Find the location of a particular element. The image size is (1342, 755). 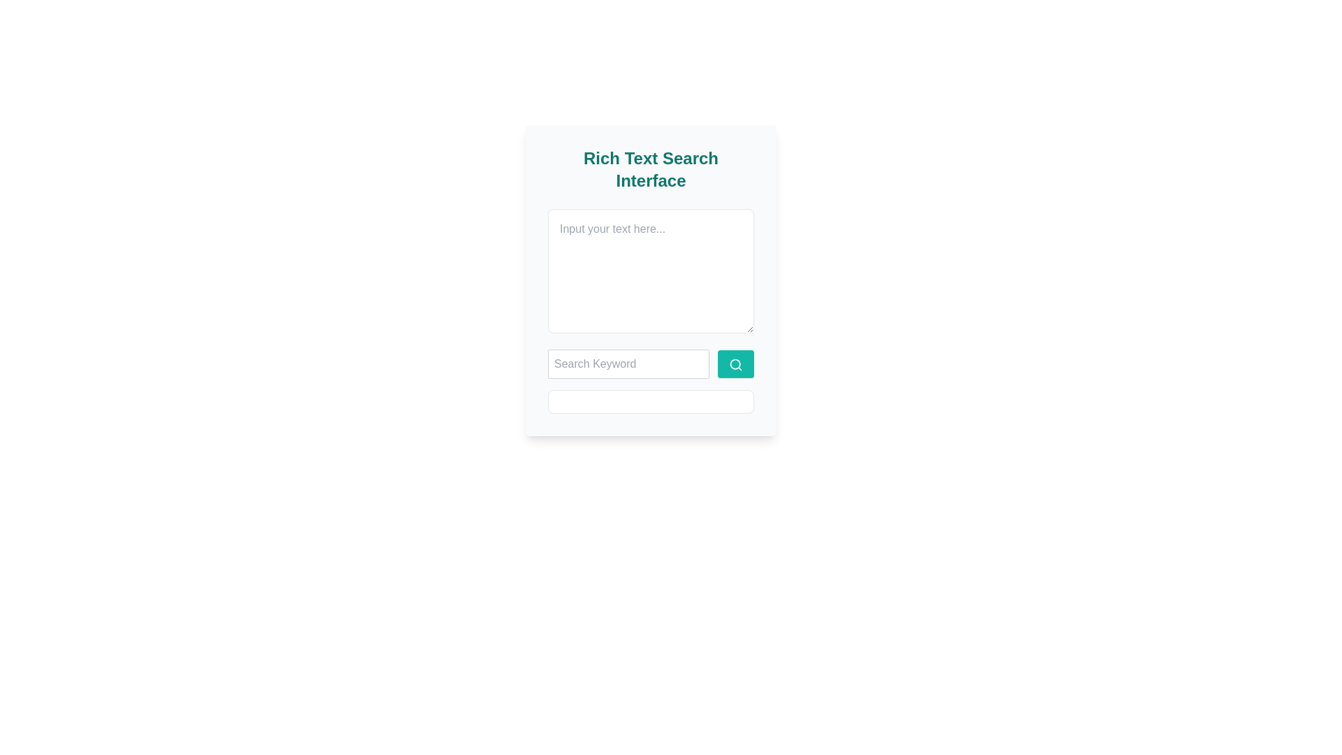

the primary circular decorative element inside the magnifying glass icon, located to the right of the 'Search Keyword' input field is located at coordinates (735, 363).